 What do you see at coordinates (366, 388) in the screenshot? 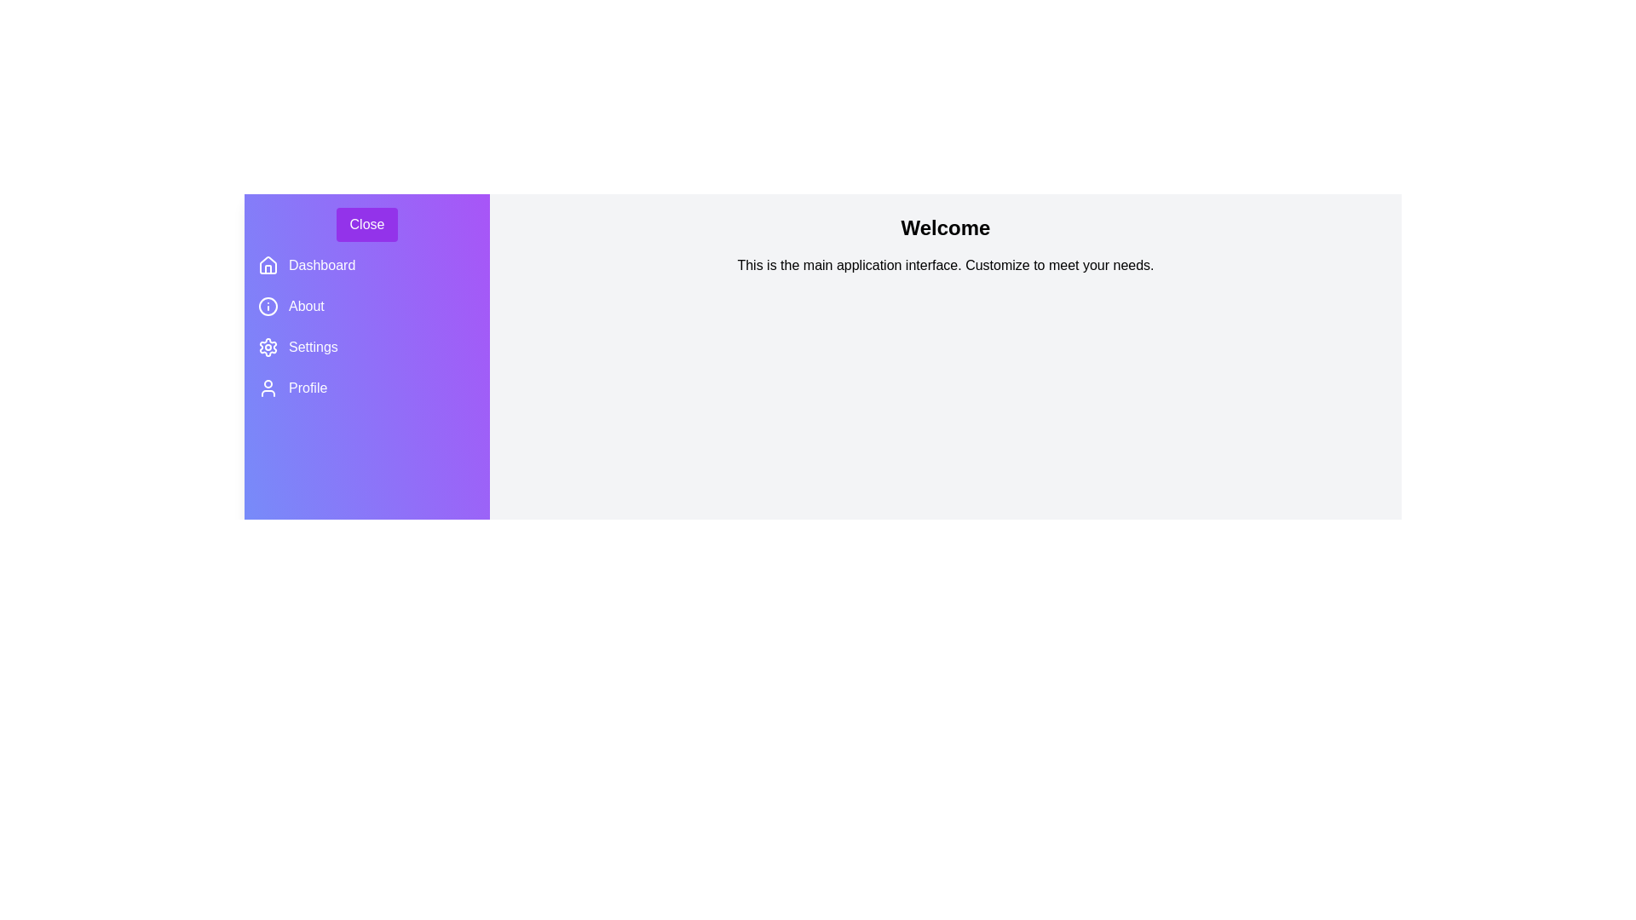
I see `the 'Profile' menu item` at bounding box center [366, 388].